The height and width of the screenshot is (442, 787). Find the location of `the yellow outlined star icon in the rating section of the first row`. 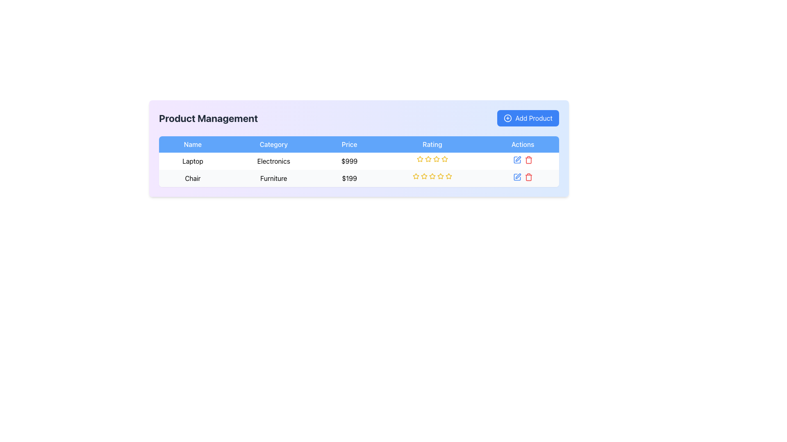

the yellow outlined star icon in the rating section of the first row is located at coordinates (419, 159).